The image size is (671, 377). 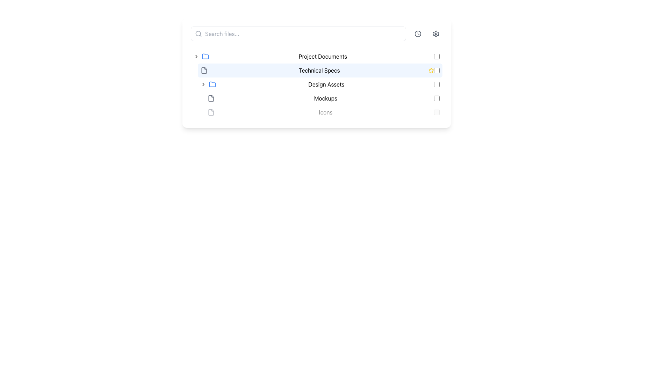 What do you see at coordinates (212, 83) in the screenshot?
I see `the folder icon in the file manager interface, located near the 'Technical Specs' row` at bounding box center [212, 83].